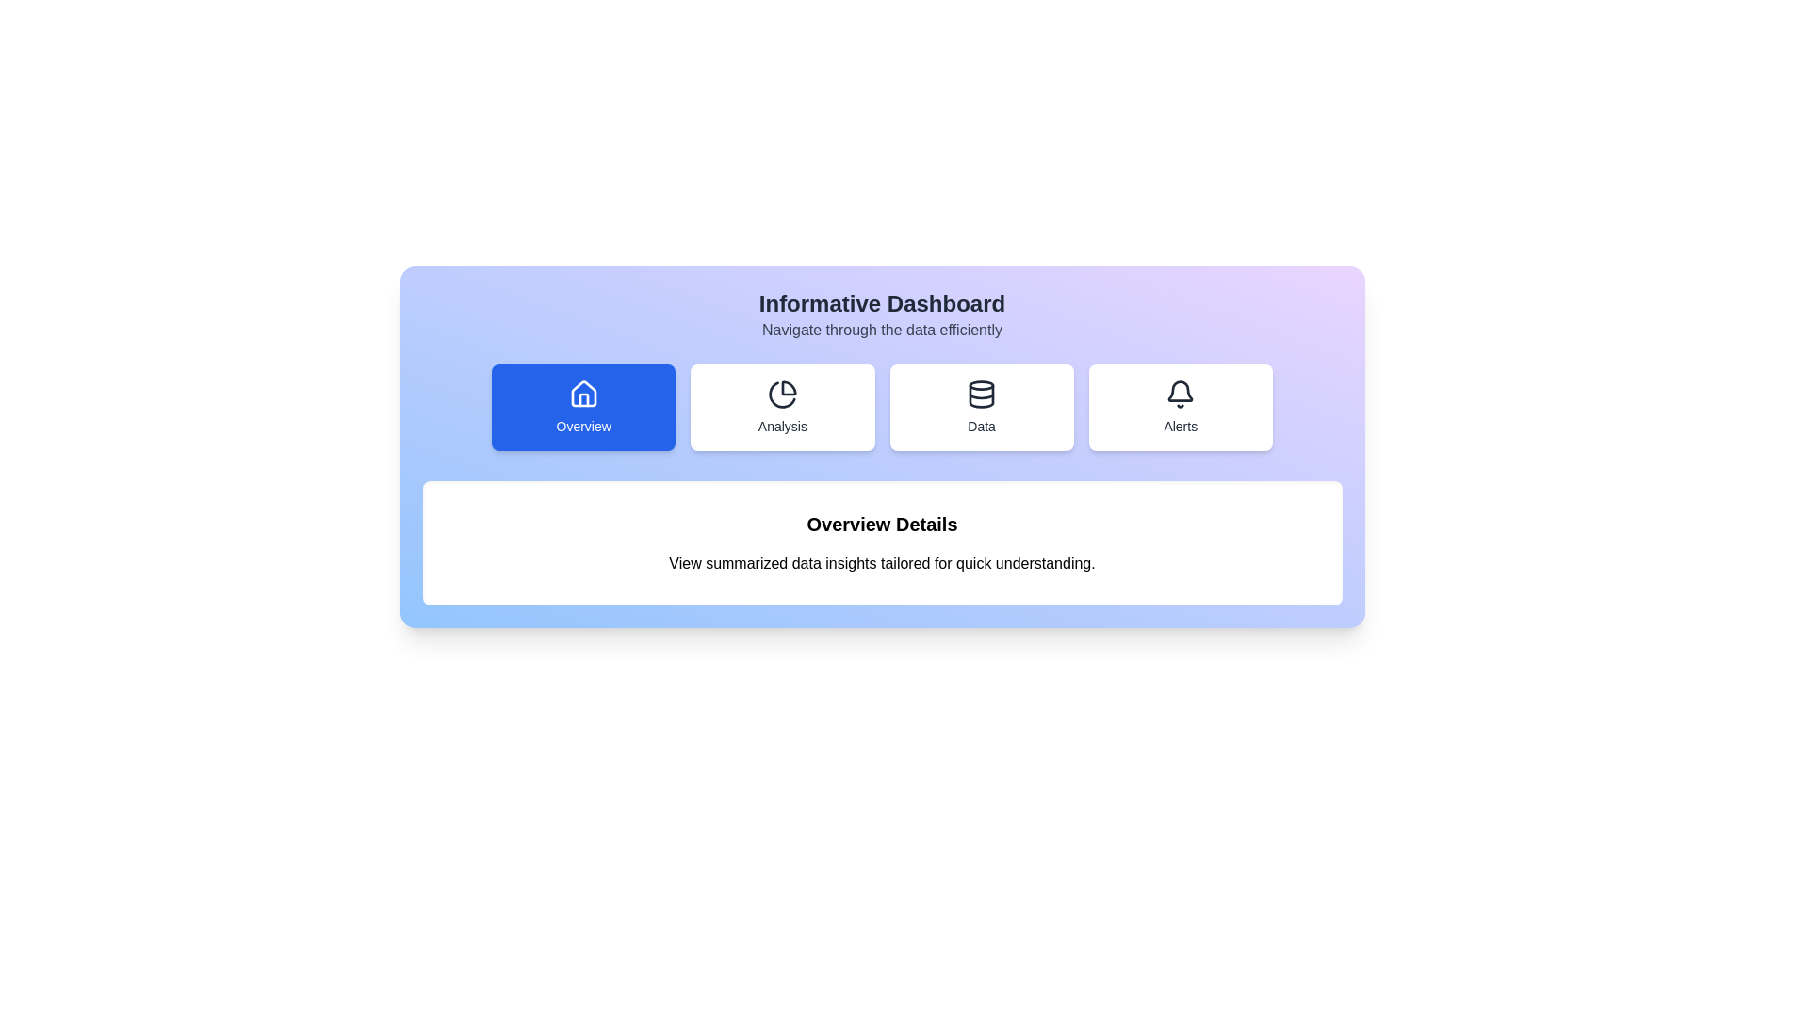 The image size is (1809, 1017). I want to click on the informational Text label located at the bottom center of the card, which indicates data-related functionality and is situated between the 'Analysis' and 'Alerts' cards, so click(981, 426).